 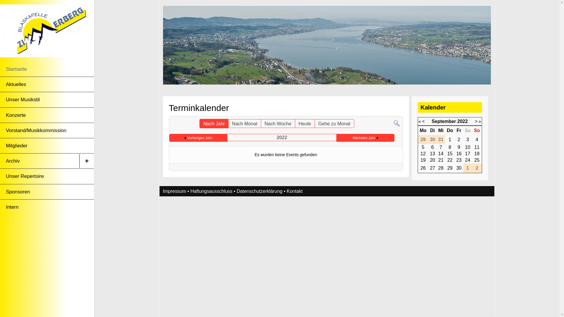 What do you see at coordinates (39, 69) in the screenshot?
I see `'Startseite'` at bounding box center [39, 69].